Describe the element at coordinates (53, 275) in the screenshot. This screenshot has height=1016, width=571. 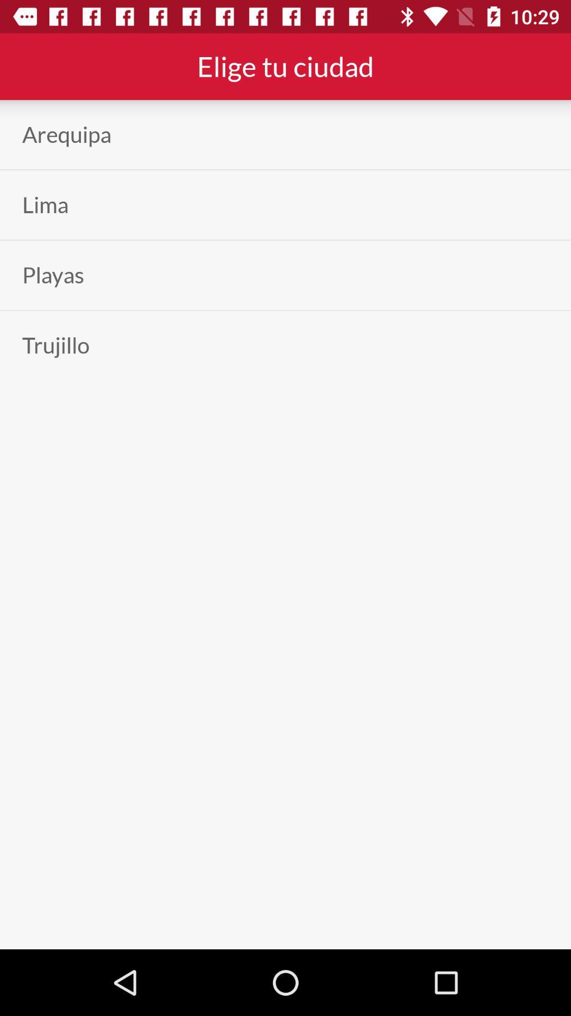
I see `playas item` at that location.